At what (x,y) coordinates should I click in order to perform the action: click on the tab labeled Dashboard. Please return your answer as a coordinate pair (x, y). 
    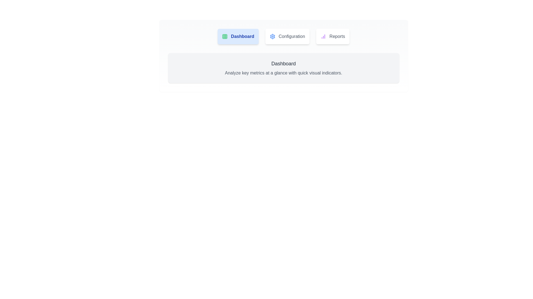
    Looking at the image, I should click on (238, 36).